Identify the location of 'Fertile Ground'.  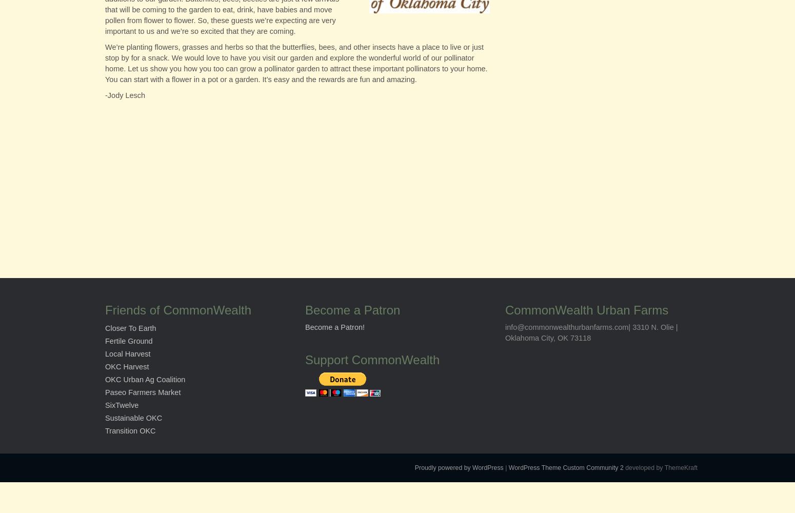
(128, 341).